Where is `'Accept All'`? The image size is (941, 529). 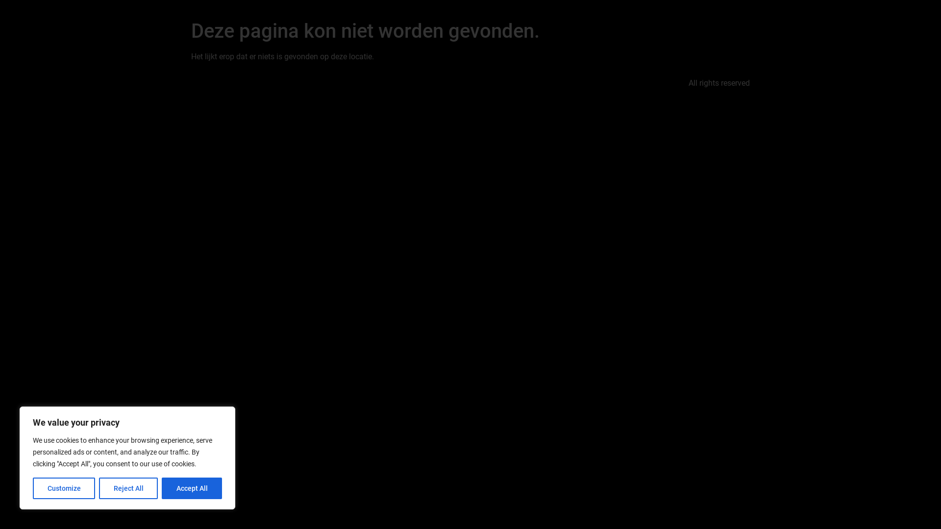
'Accept All' is located at coordinates (192, 488).